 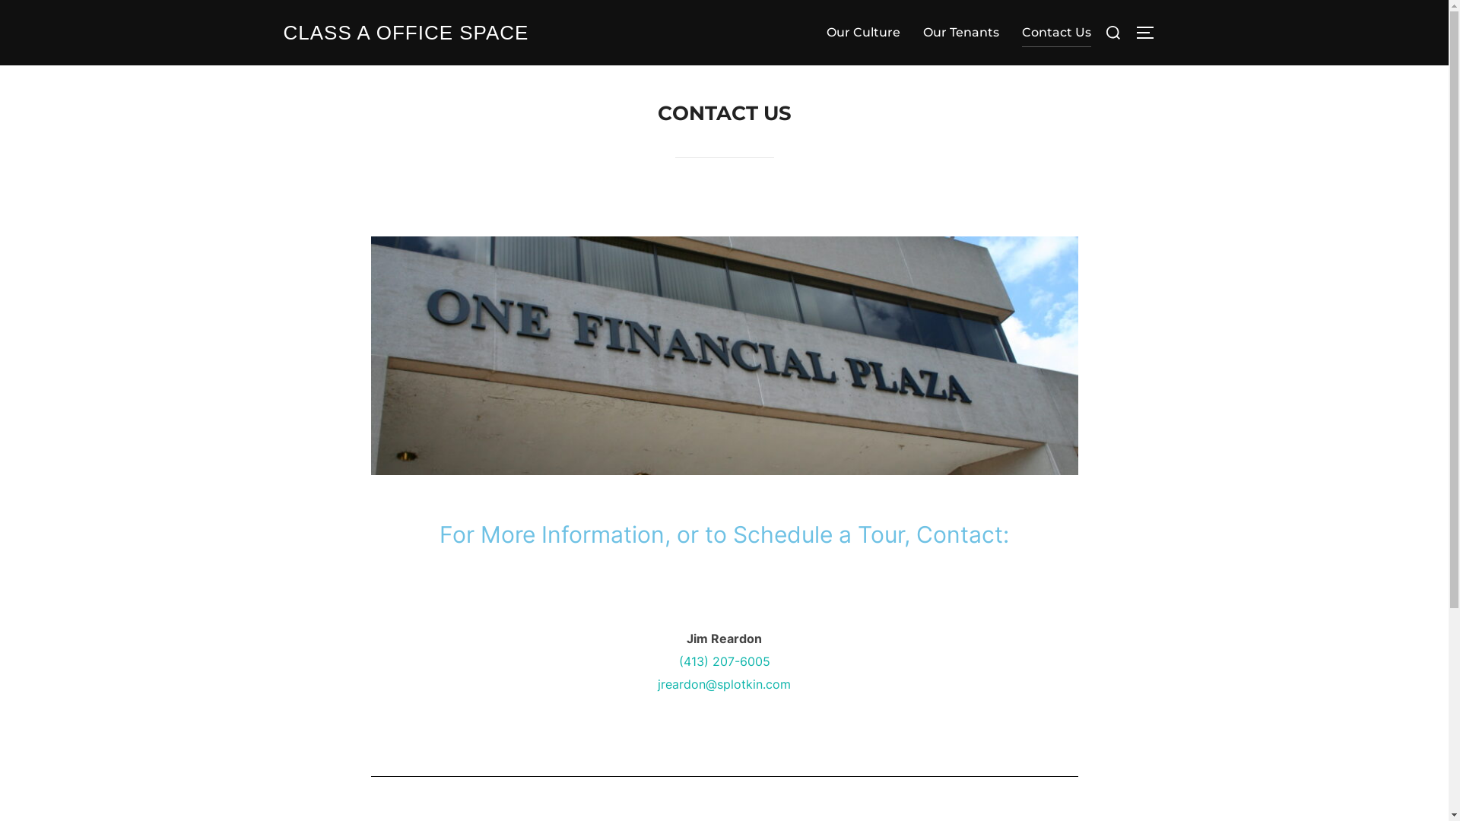 I want to click on 'jreardon@splotkin.com', so click(x=657, y=683).